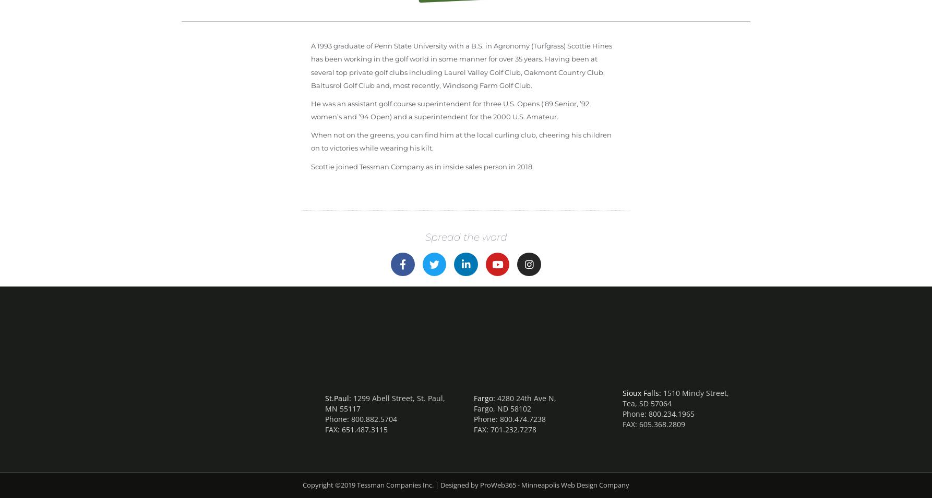 The width and height of the screenshot is (932, 498). I want to click on 'Copyright ©2019 Tessman Companies Inc. | Designed by', so click(302, 484).